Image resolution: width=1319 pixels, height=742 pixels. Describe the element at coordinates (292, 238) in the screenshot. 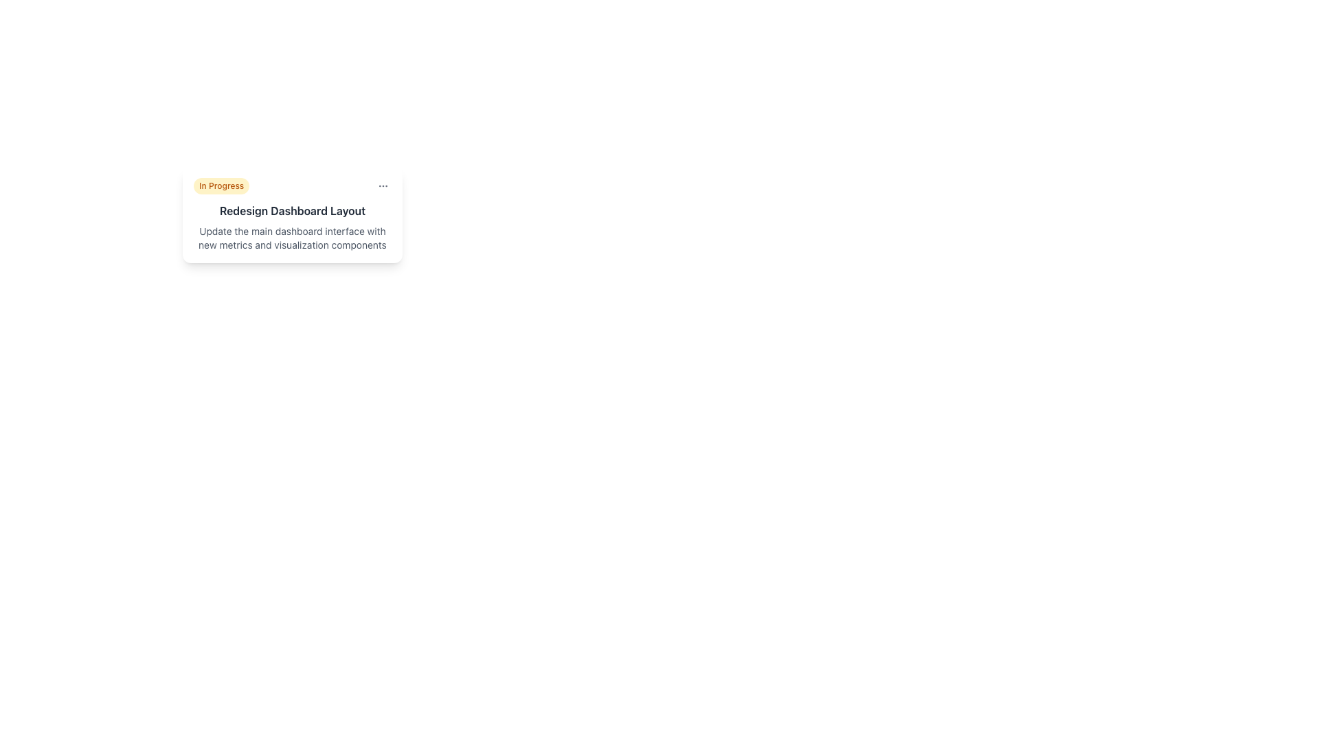

I see `the paragraph-like text element that contains 'Update the main dashboard interface with new metrics and visualization components', located below the title 'Redesign Dashboard Layout' in a white card` at that location.